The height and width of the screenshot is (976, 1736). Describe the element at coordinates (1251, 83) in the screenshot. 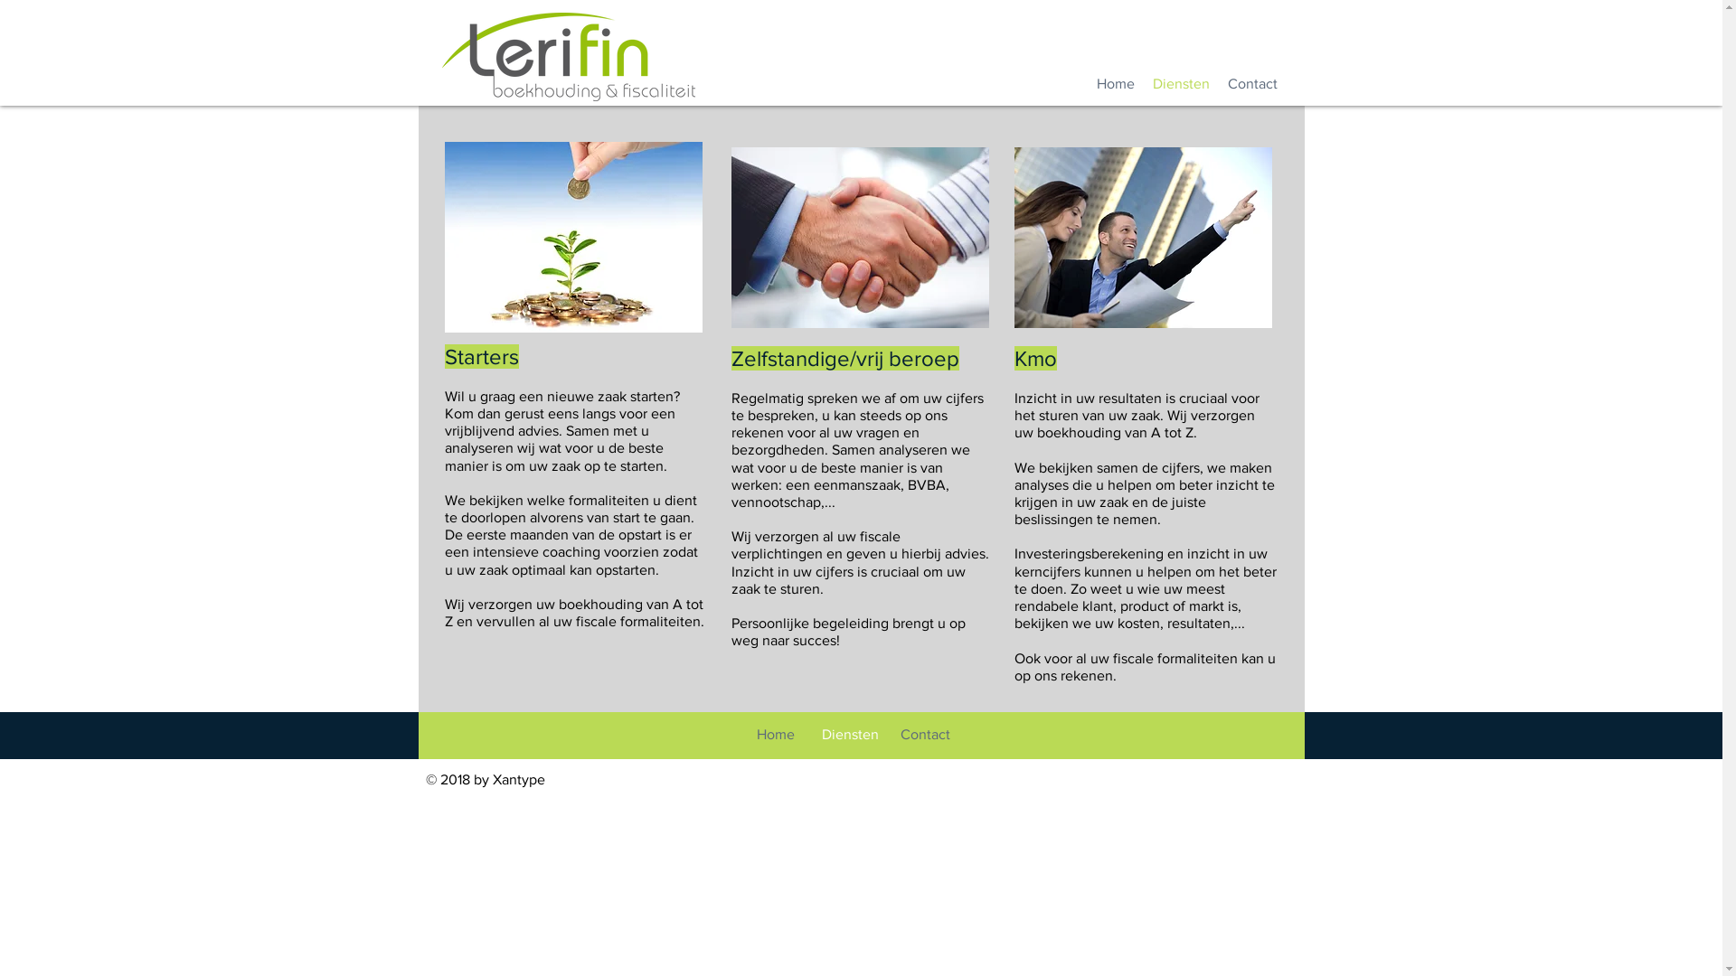

I see `'Contact'` at that location.